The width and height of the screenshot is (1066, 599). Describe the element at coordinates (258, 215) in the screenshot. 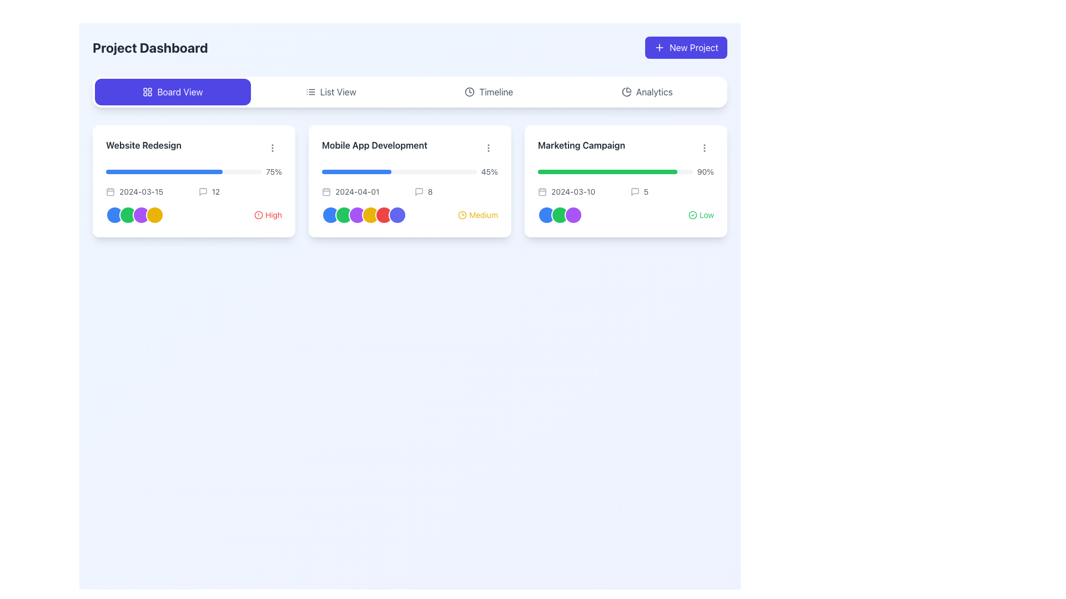

I see `the 'High' priority alert icon located in the bottom right area of the 'Website Redesign' card, adjacent to the 'High' label` at that location.